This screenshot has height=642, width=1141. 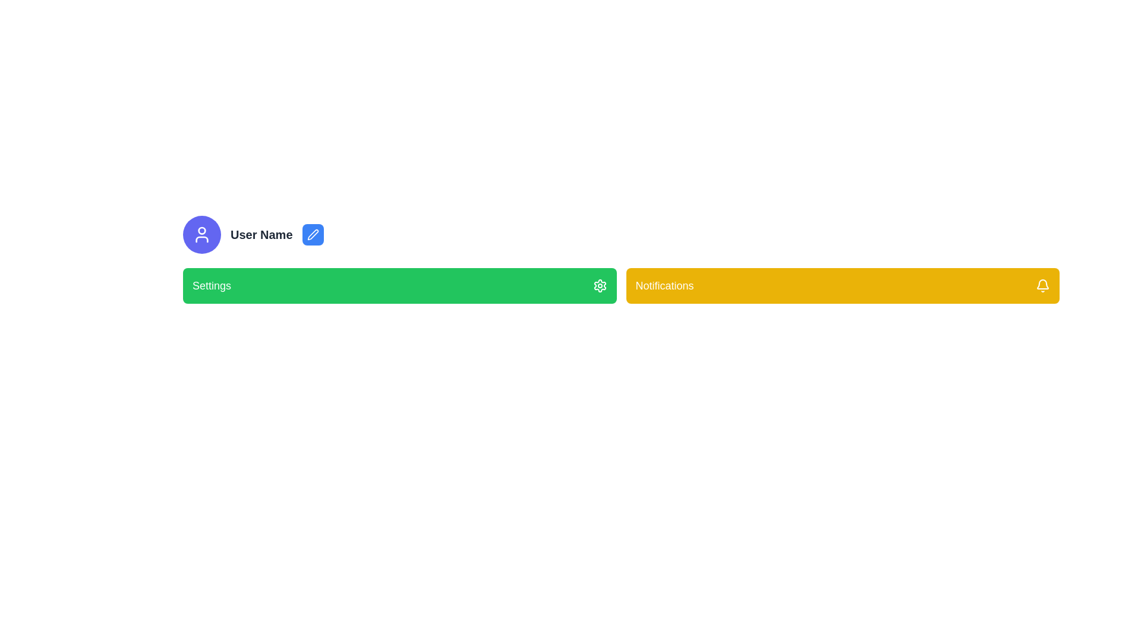 I want to click on the button located to the immediate right of the text 'User Name', so click(x=313, y=234).